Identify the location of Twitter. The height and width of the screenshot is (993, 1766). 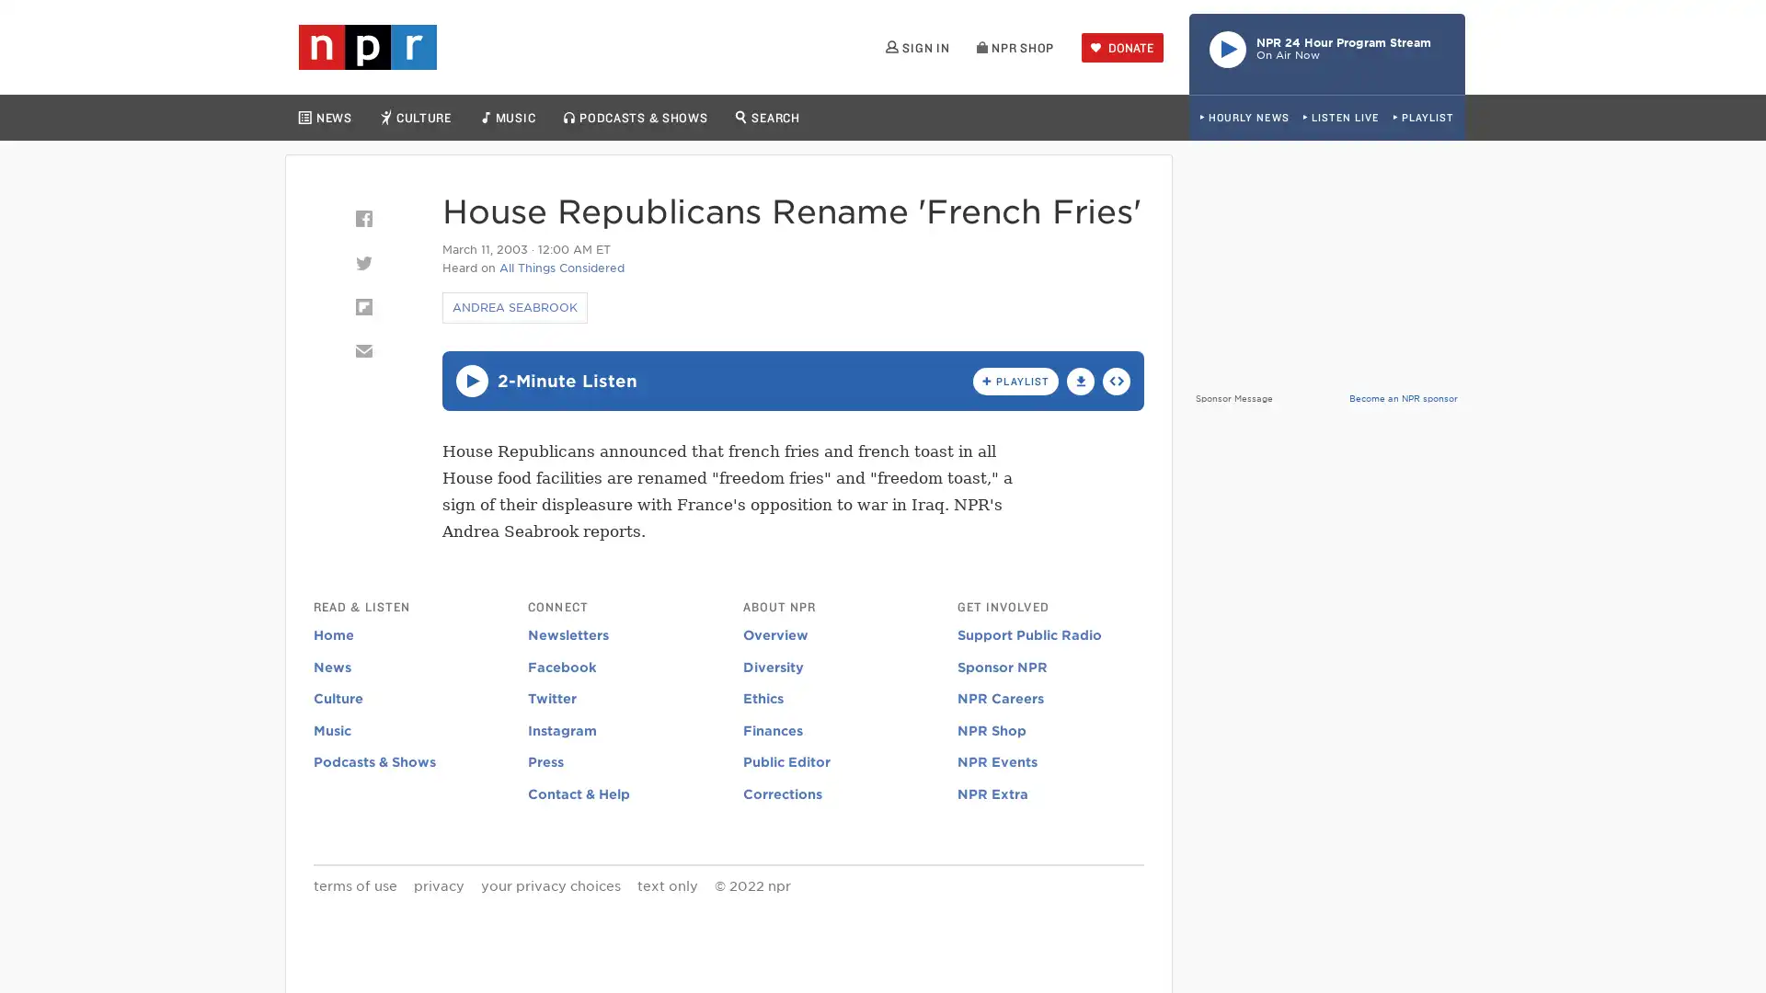
(362, 262).